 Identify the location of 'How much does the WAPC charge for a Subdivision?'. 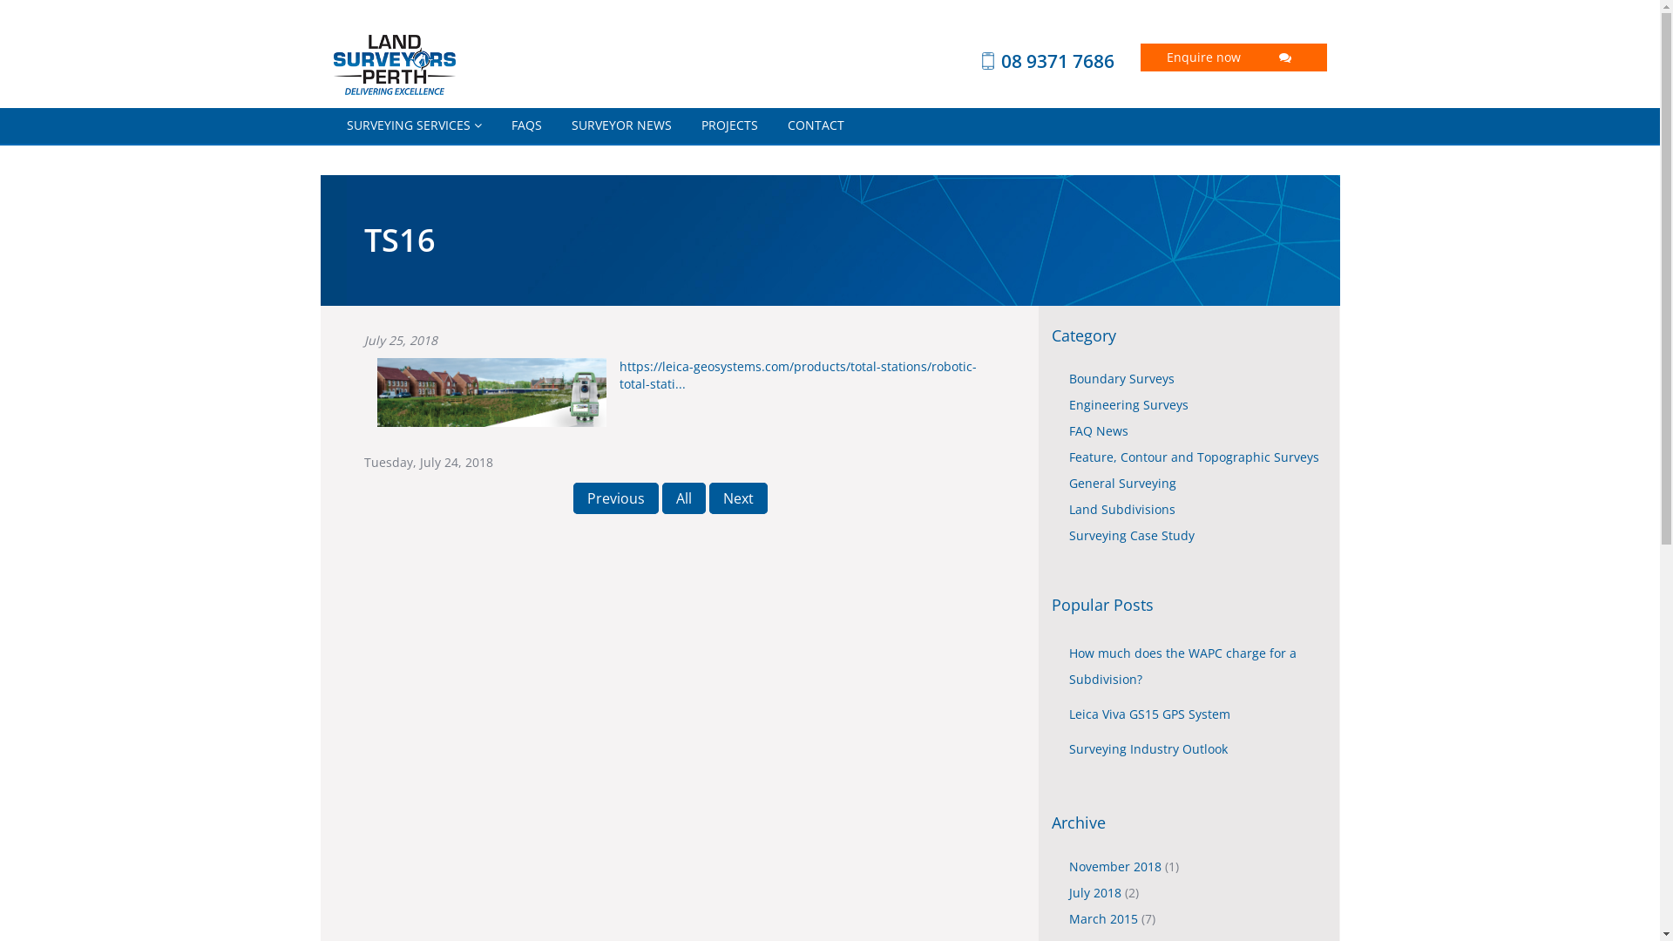
(1182, 666).